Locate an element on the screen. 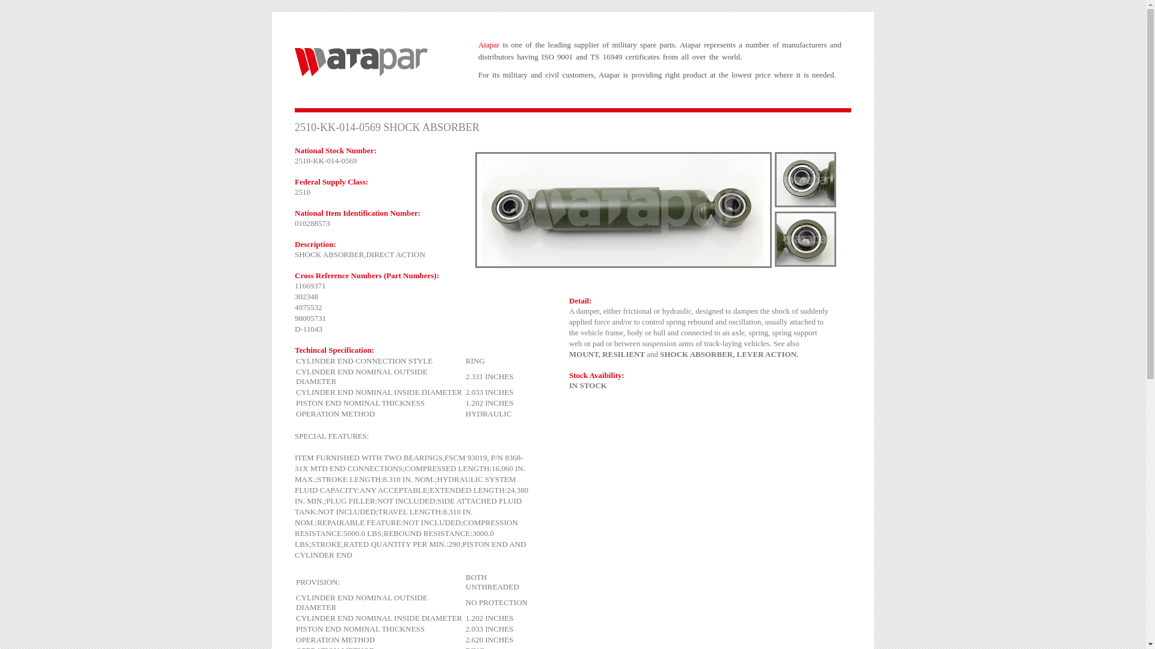  '2510-KK-014-0569' is located at coordinates (805, 180).